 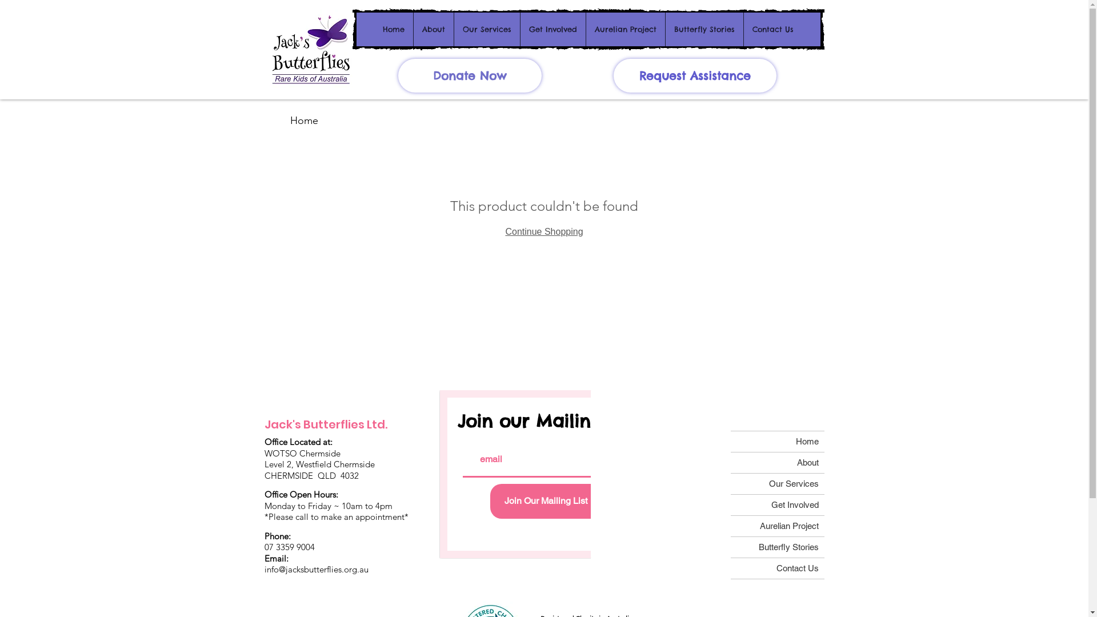 What do you see at coordinates (776, 546) in the screenshot?
I see `'Butterfly Stories'` at bounding box center [776, 546].